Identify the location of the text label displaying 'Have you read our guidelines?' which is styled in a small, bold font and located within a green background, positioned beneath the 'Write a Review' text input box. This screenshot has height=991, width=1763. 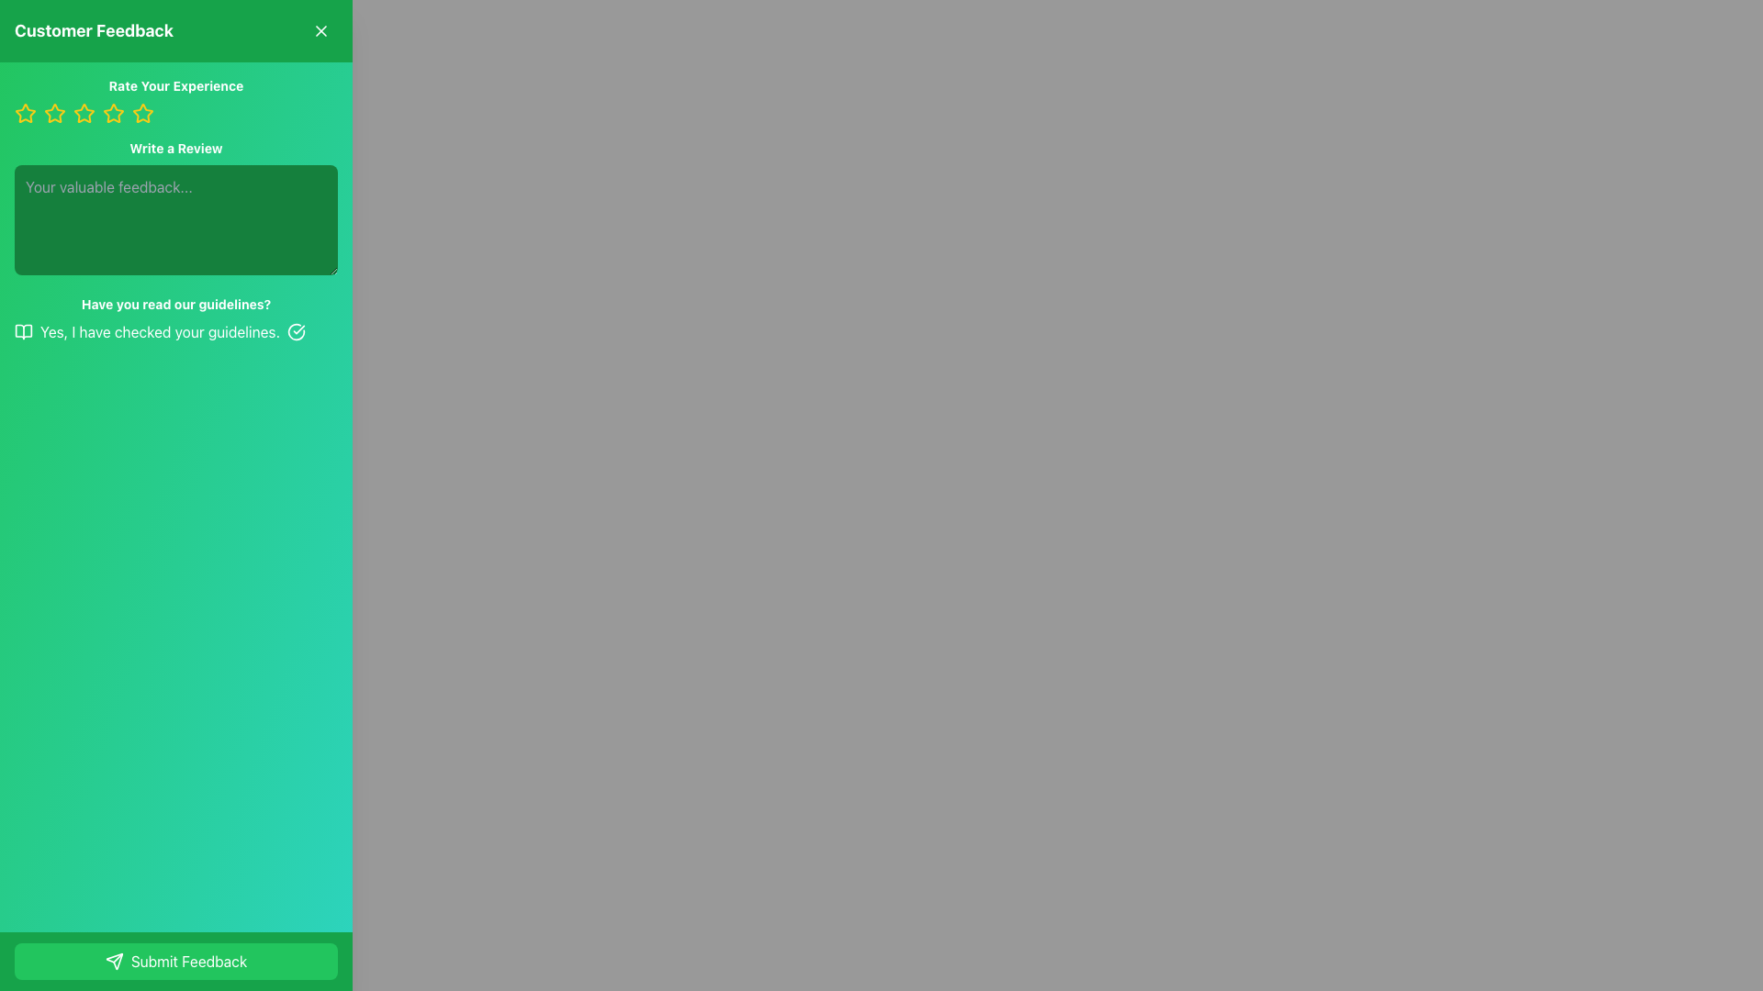
(176, 303).